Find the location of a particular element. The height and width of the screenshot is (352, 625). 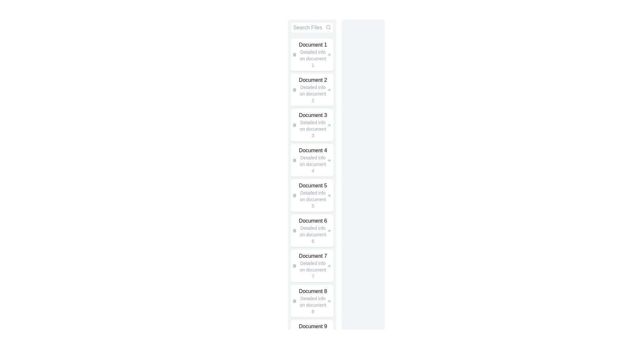

the file or document icon located to the left of the 'Document 4' text is located at coordinates (294, 160).